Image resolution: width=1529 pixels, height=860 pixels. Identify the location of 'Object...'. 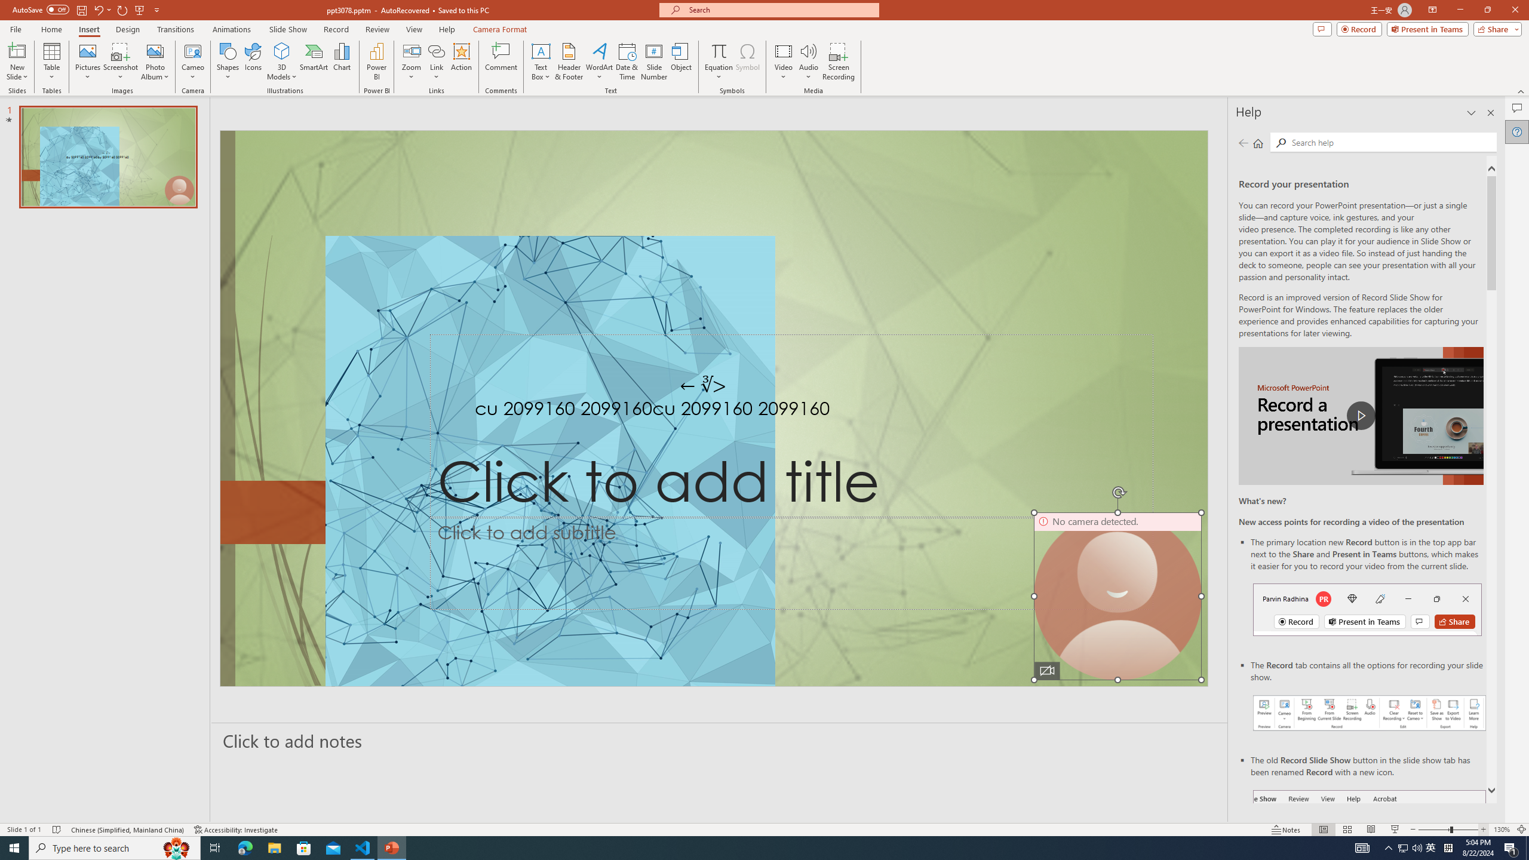
(681, 62).